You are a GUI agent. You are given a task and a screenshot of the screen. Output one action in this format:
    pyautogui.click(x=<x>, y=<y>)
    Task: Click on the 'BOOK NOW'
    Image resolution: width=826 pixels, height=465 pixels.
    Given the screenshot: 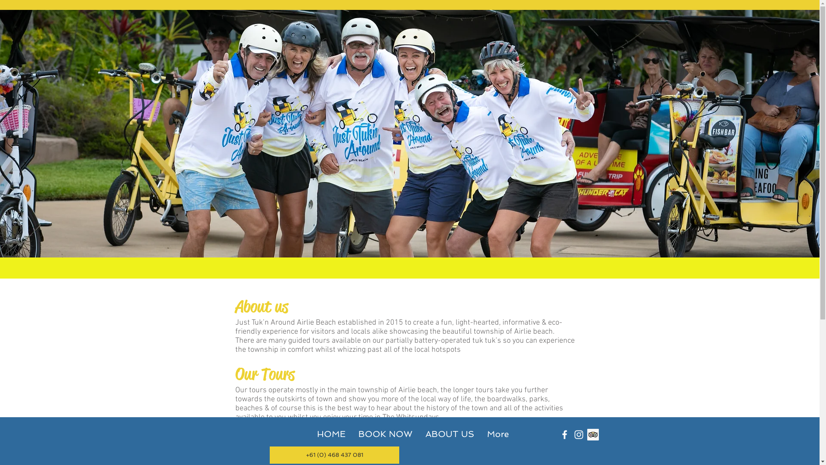 What is the action you would take?
    pyautogui.click(x=385, y=434)
    